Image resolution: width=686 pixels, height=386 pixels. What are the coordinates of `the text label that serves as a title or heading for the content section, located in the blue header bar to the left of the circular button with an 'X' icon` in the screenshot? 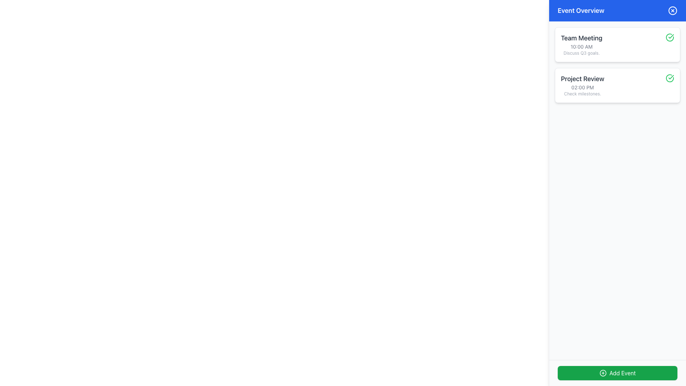 It's located at (581, 11).